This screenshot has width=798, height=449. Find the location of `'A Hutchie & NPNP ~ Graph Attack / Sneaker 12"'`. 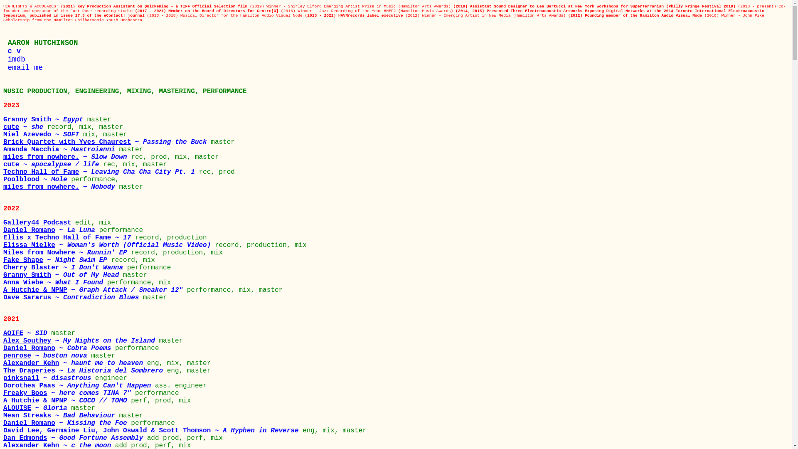

'A Hutchie & NPNP ~ Graph Attack / Sneaker 12"' is located at coordinates (3, 290).